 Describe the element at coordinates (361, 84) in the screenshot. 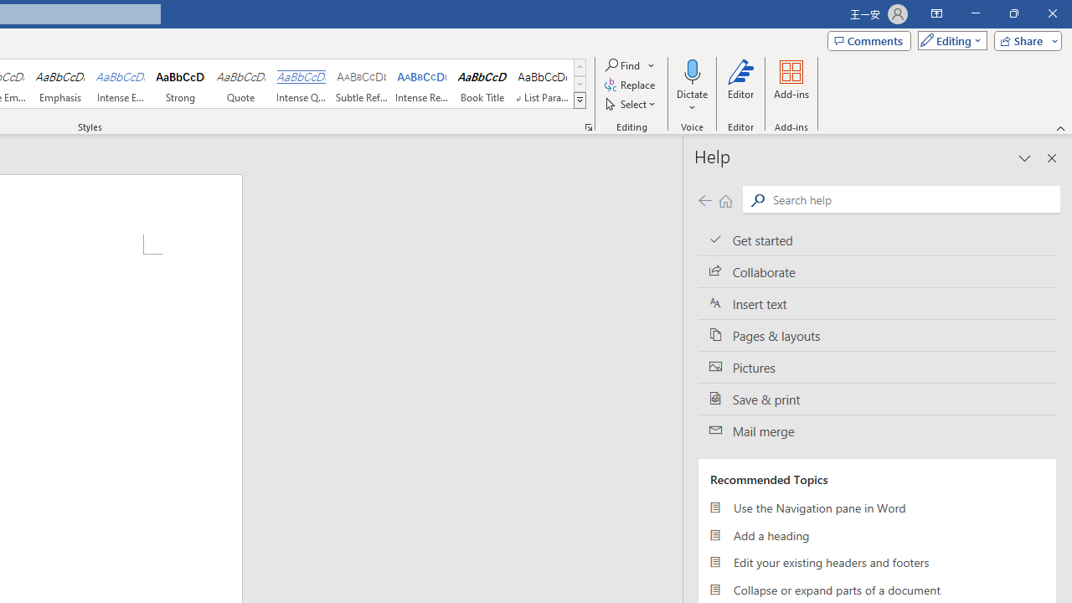

I see `'Subtle Reference'` at that location.